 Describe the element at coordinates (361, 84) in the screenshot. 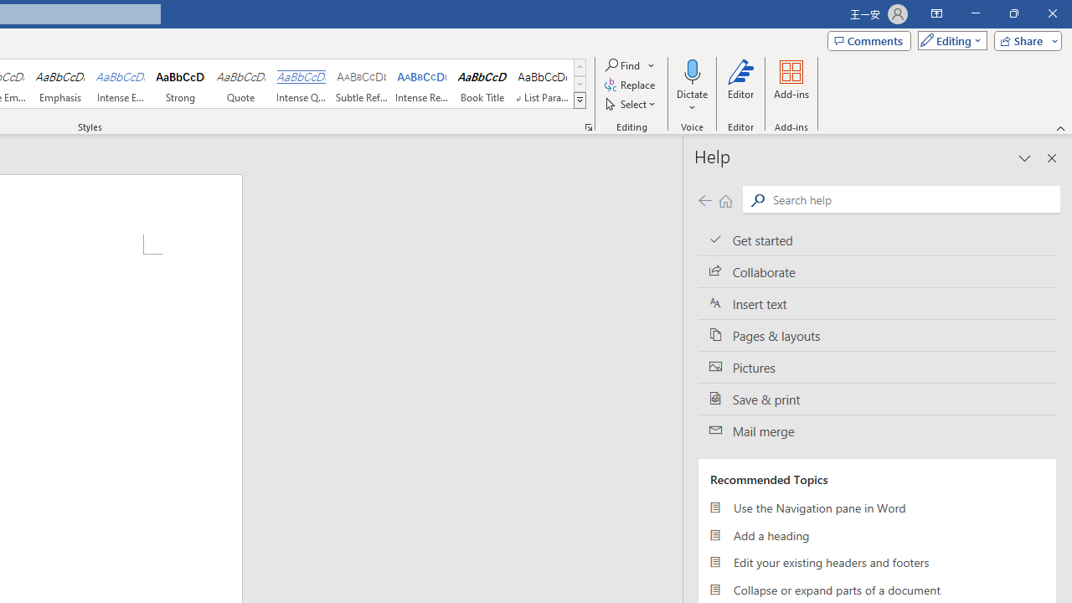

I see `'Subtle Reference'` at that location.